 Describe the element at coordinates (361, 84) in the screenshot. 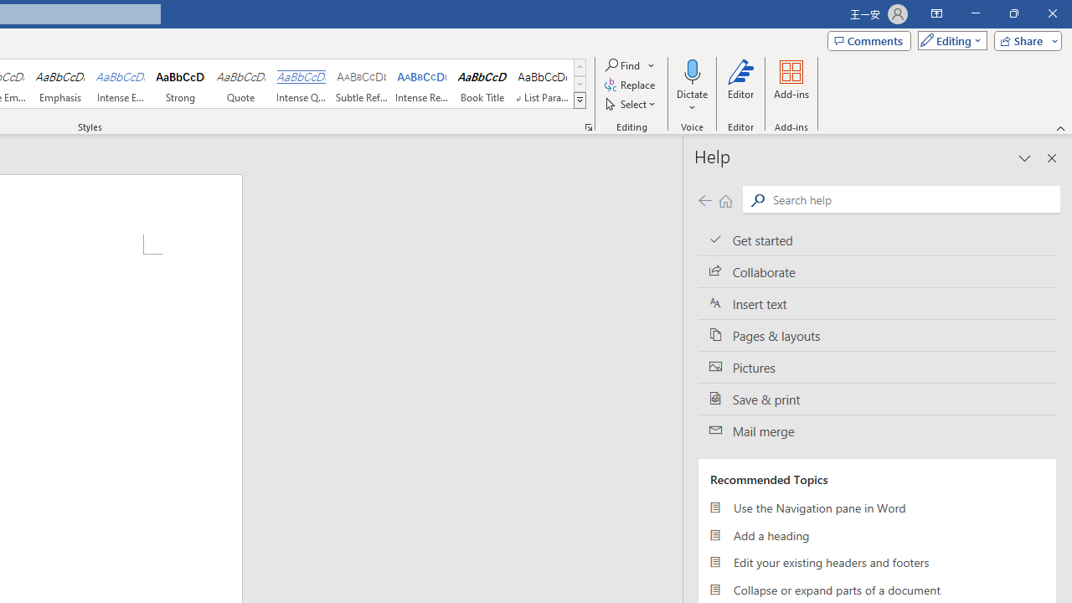

I see `'Subtle Reference'` at that location.